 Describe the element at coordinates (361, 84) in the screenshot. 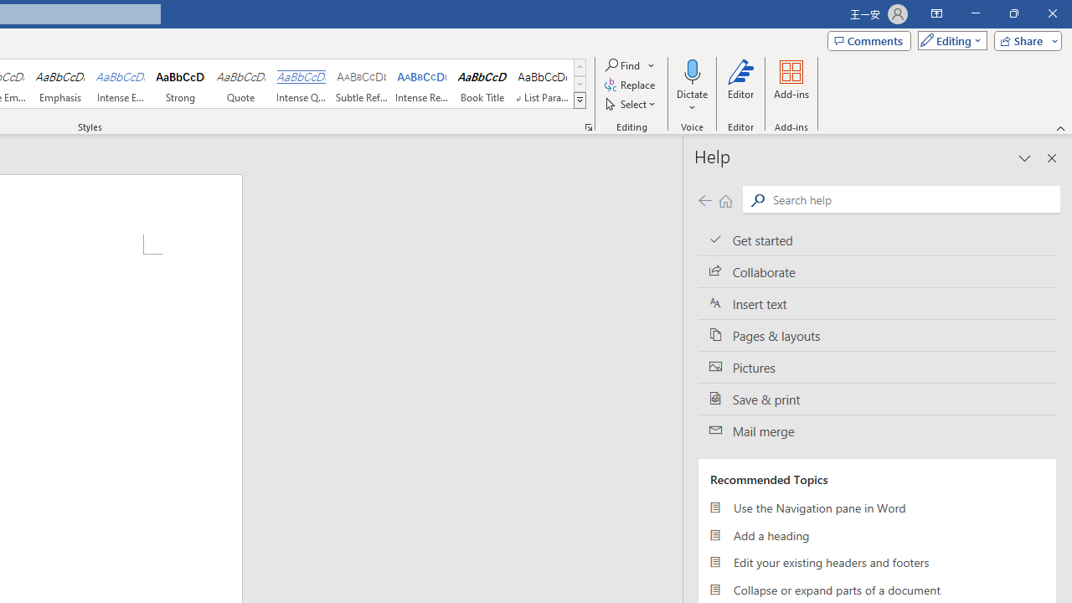

I see `'Subtle Reference'` at that location.